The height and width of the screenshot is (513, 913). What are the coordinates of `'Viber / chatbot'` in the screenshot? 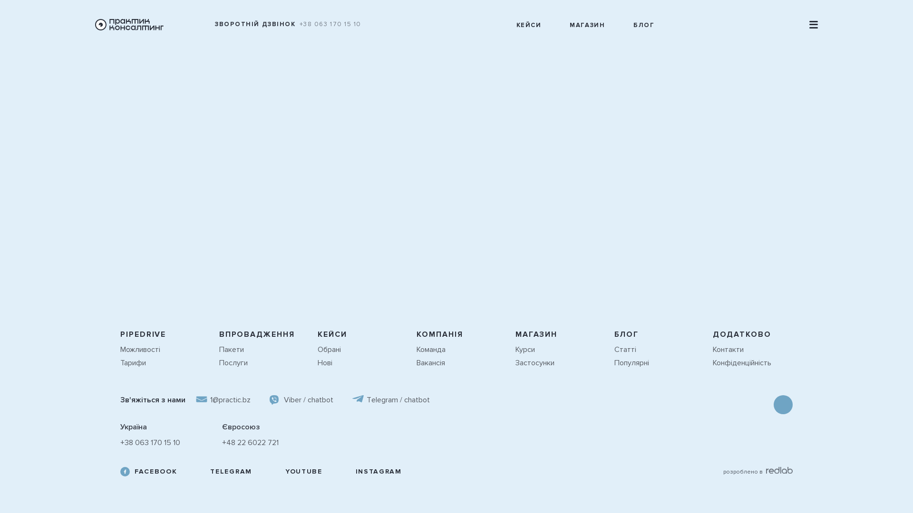 It's located at (301, 400).